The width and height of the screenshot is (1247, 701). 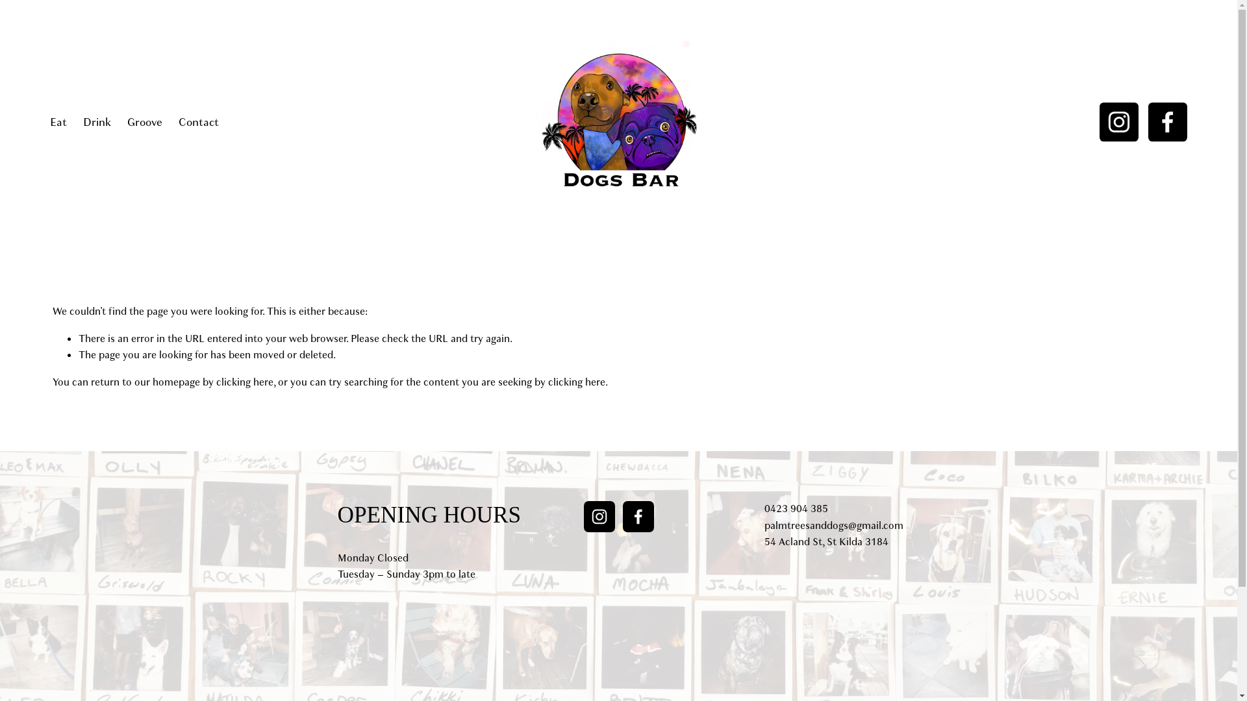 What do you see at coordinates (177, 122) in the screenshot?
I see `'Contact'` at bounding box center [177, 122].